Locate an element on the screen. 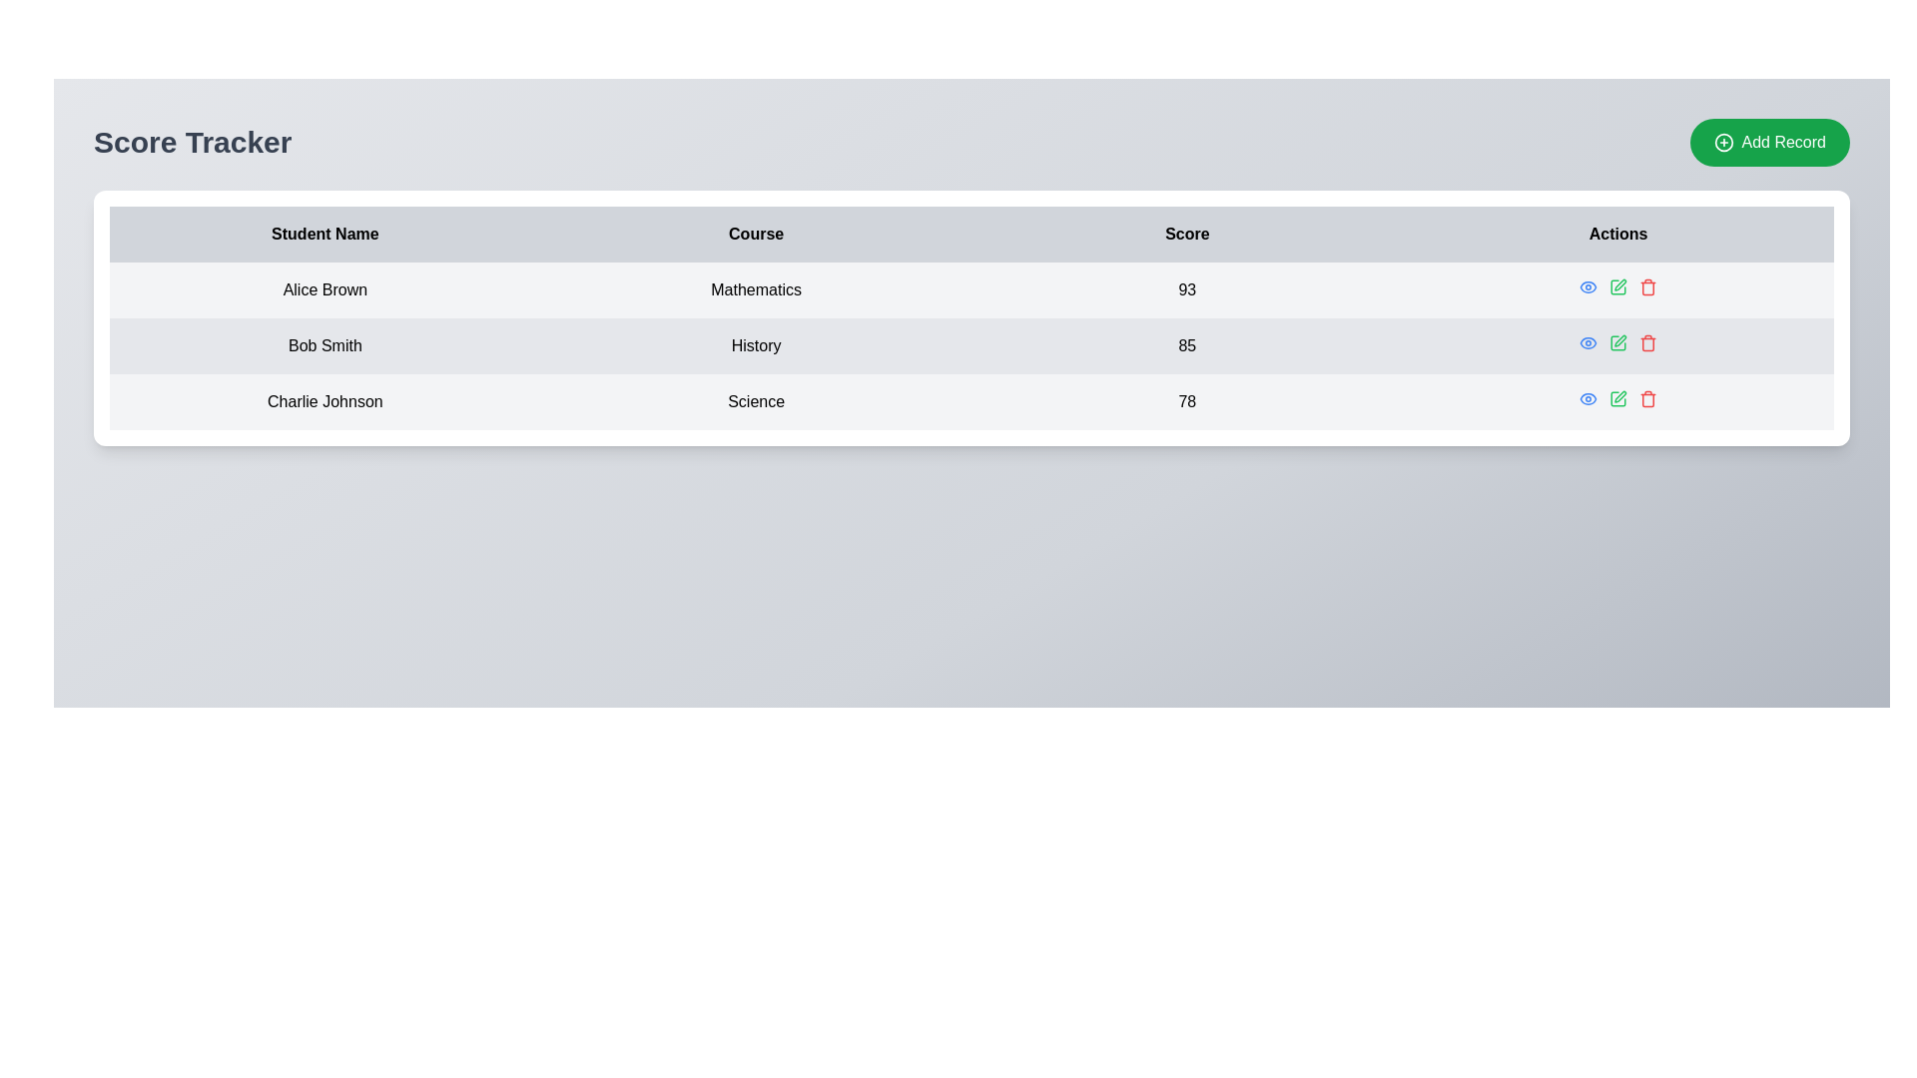 Image resolution: width=1917 pixels, height=1078 pixels. the edit icon within the 'Actions' column for the 'Charlie Johnson' entry to modify the entry is located at coordinates (1618, 399).